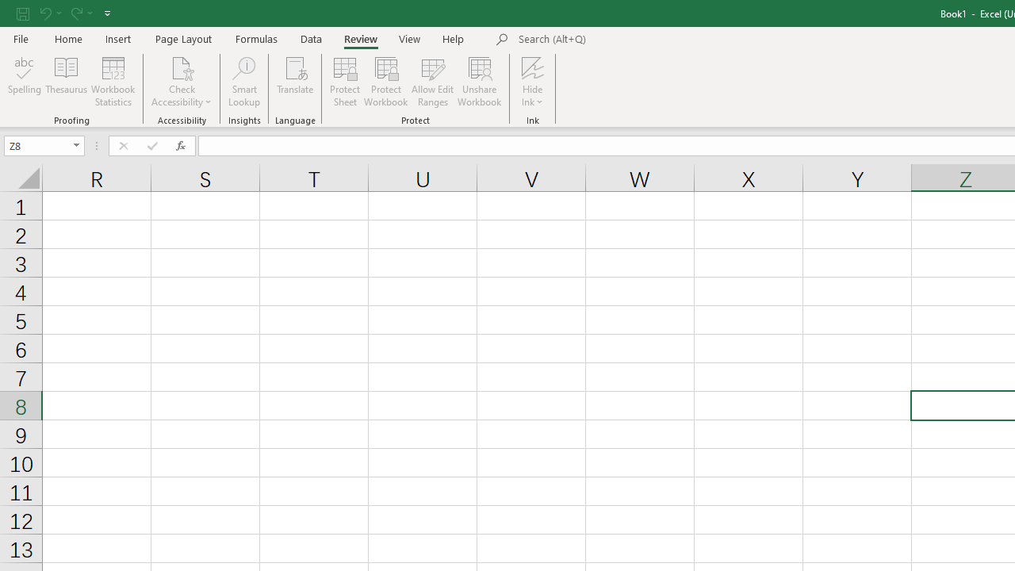 Image resolution: width=1015 pixels, height=571 pixels. Describe the element at coordinates (386, 82) in the screenshot. I see `'Protect Workbook...'` at that location.